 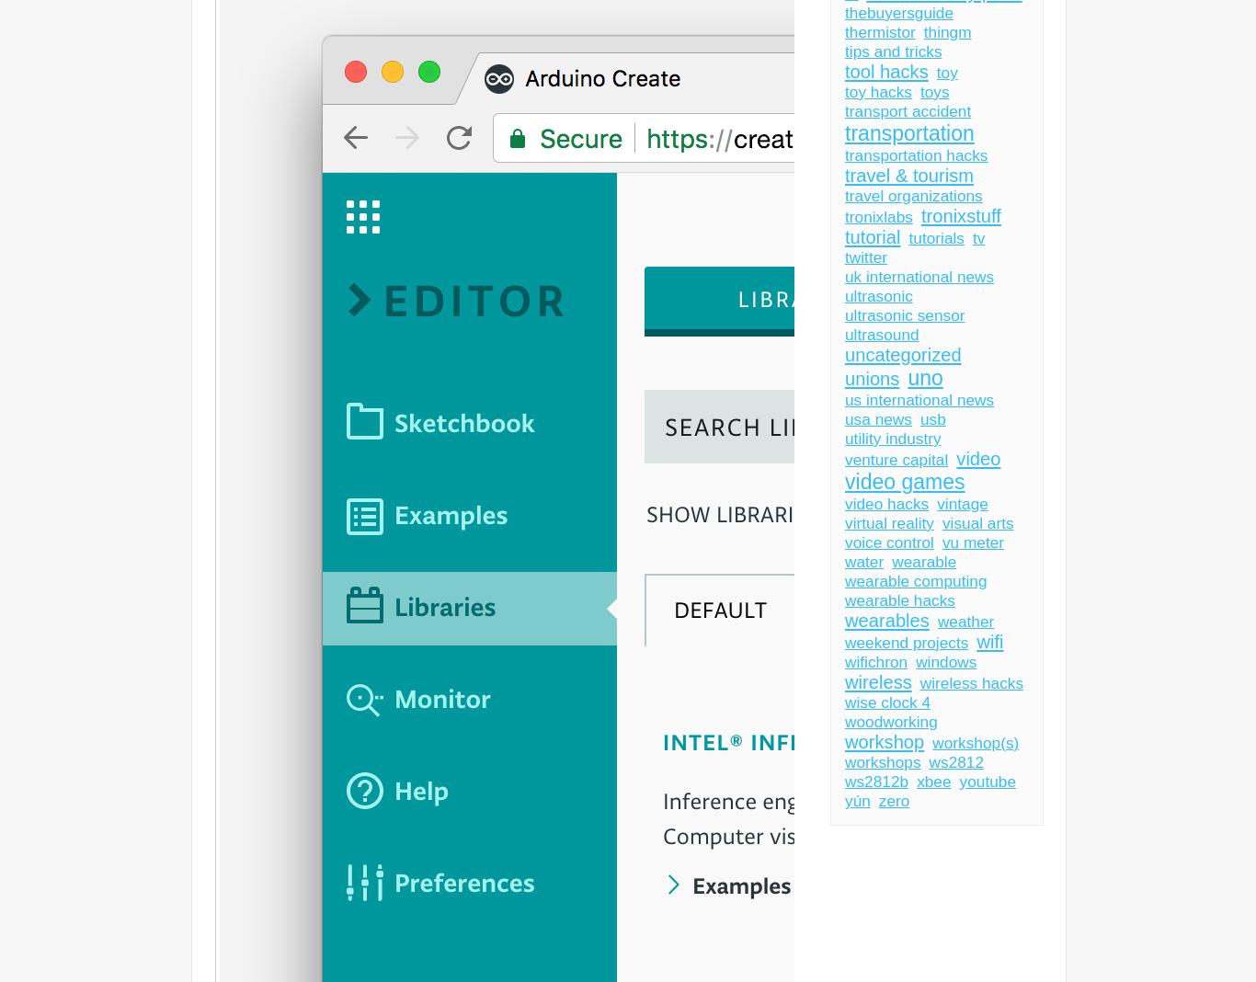 I want to click on 'ultrasound', so click(x=881, y=333).